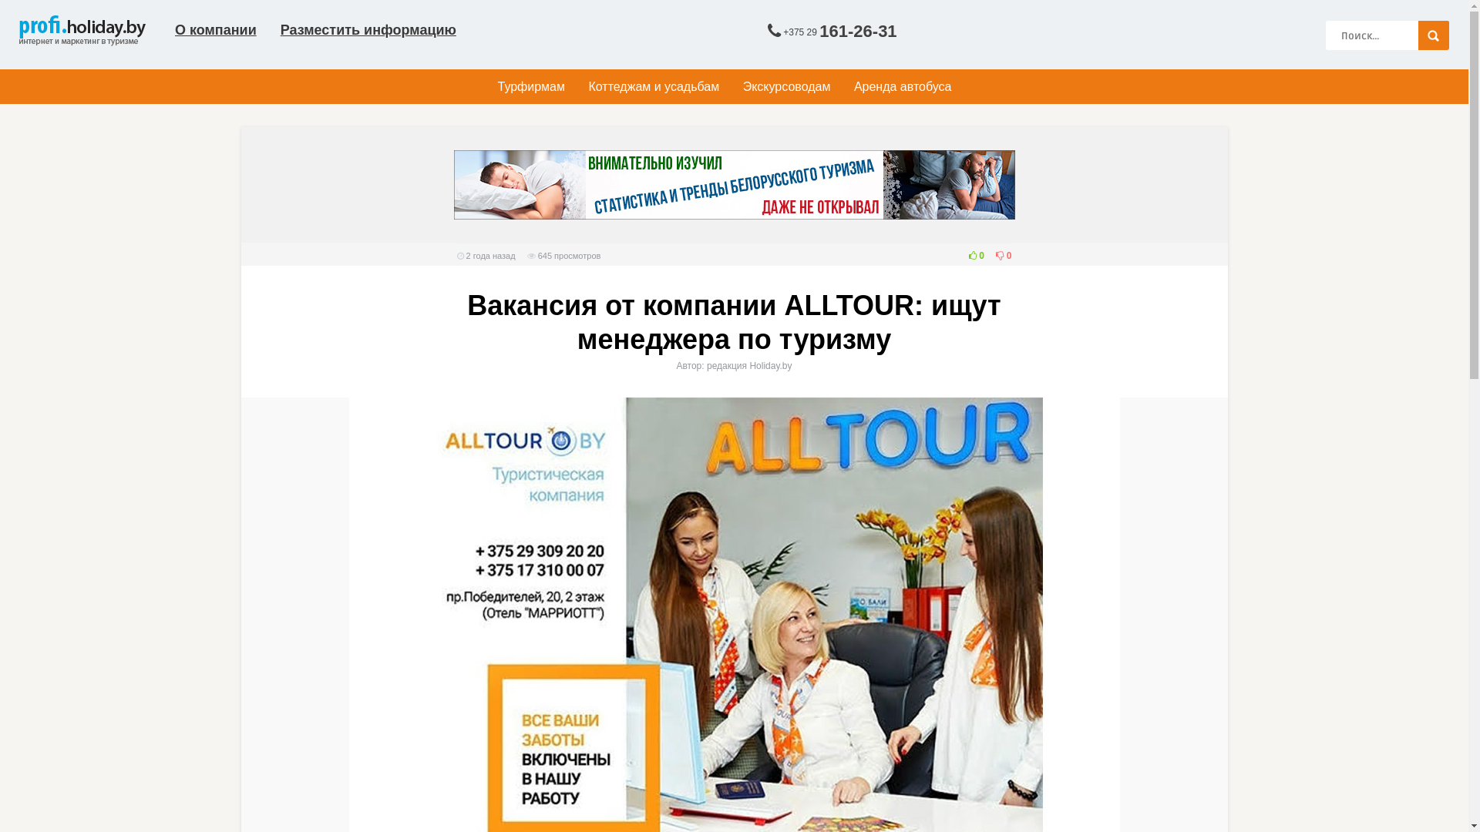 This screenshot has width=1480, height=832. I want to click on 'Search', so click(1433, 35).